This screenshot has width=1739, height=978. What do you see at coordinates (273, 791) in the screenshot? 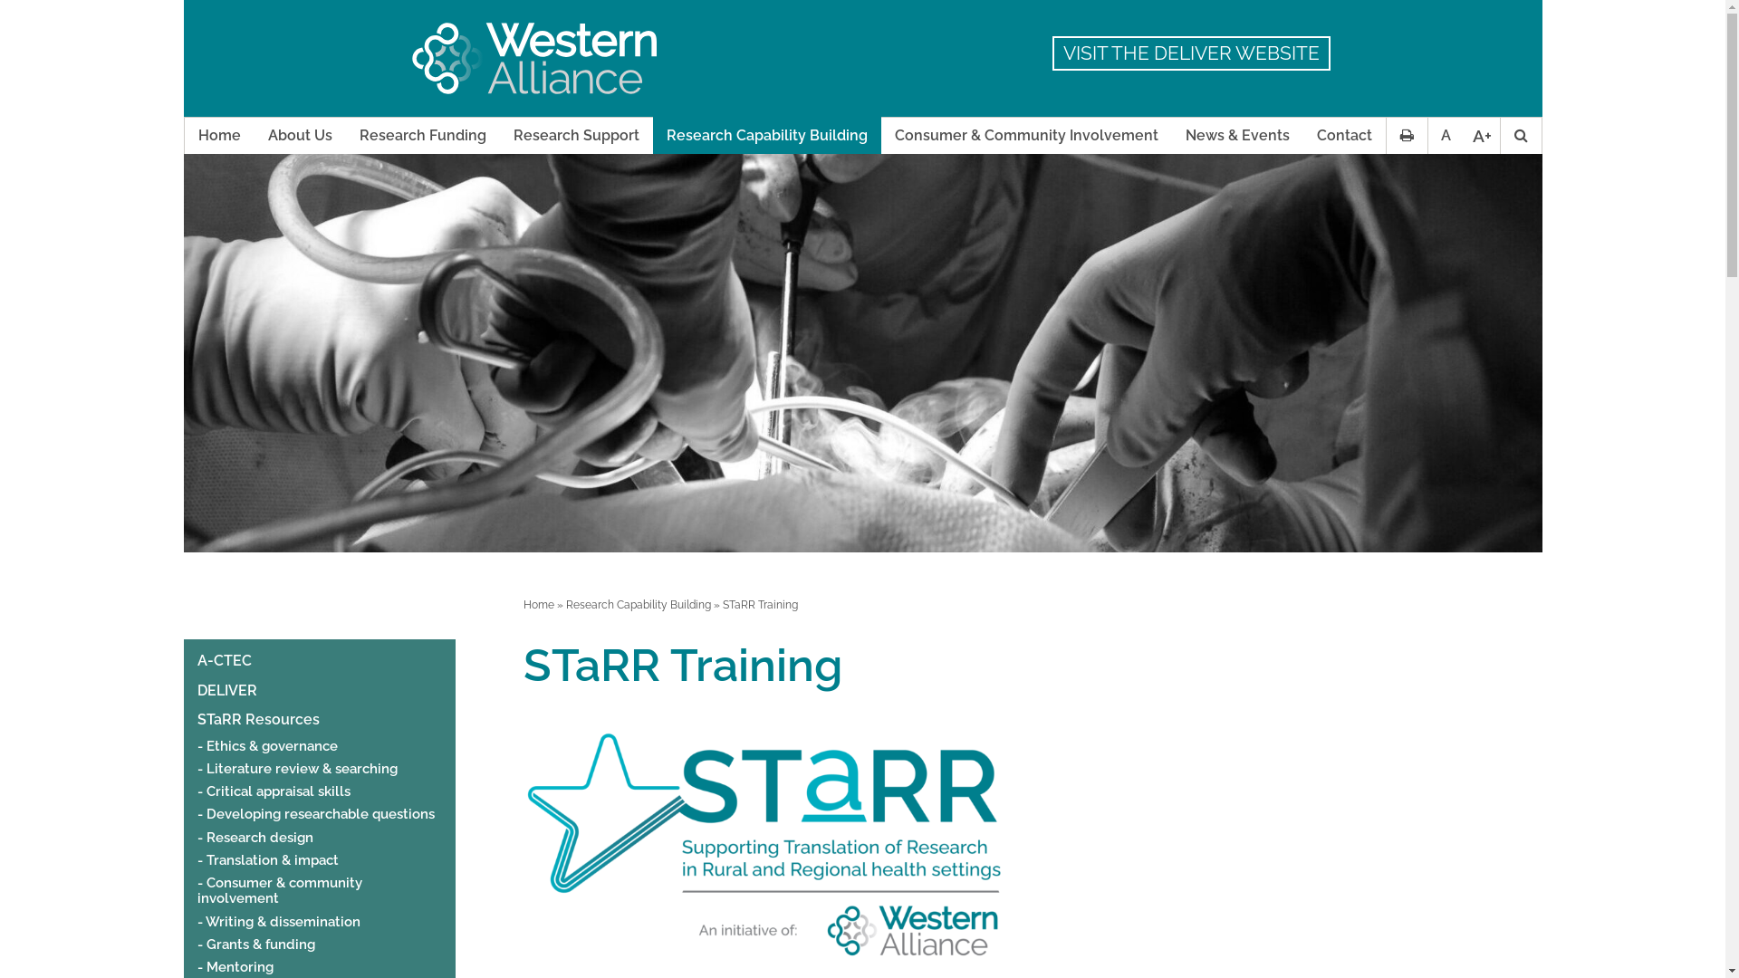
I see `'Critical appraisal skills'` at bounding box center [273, 791].